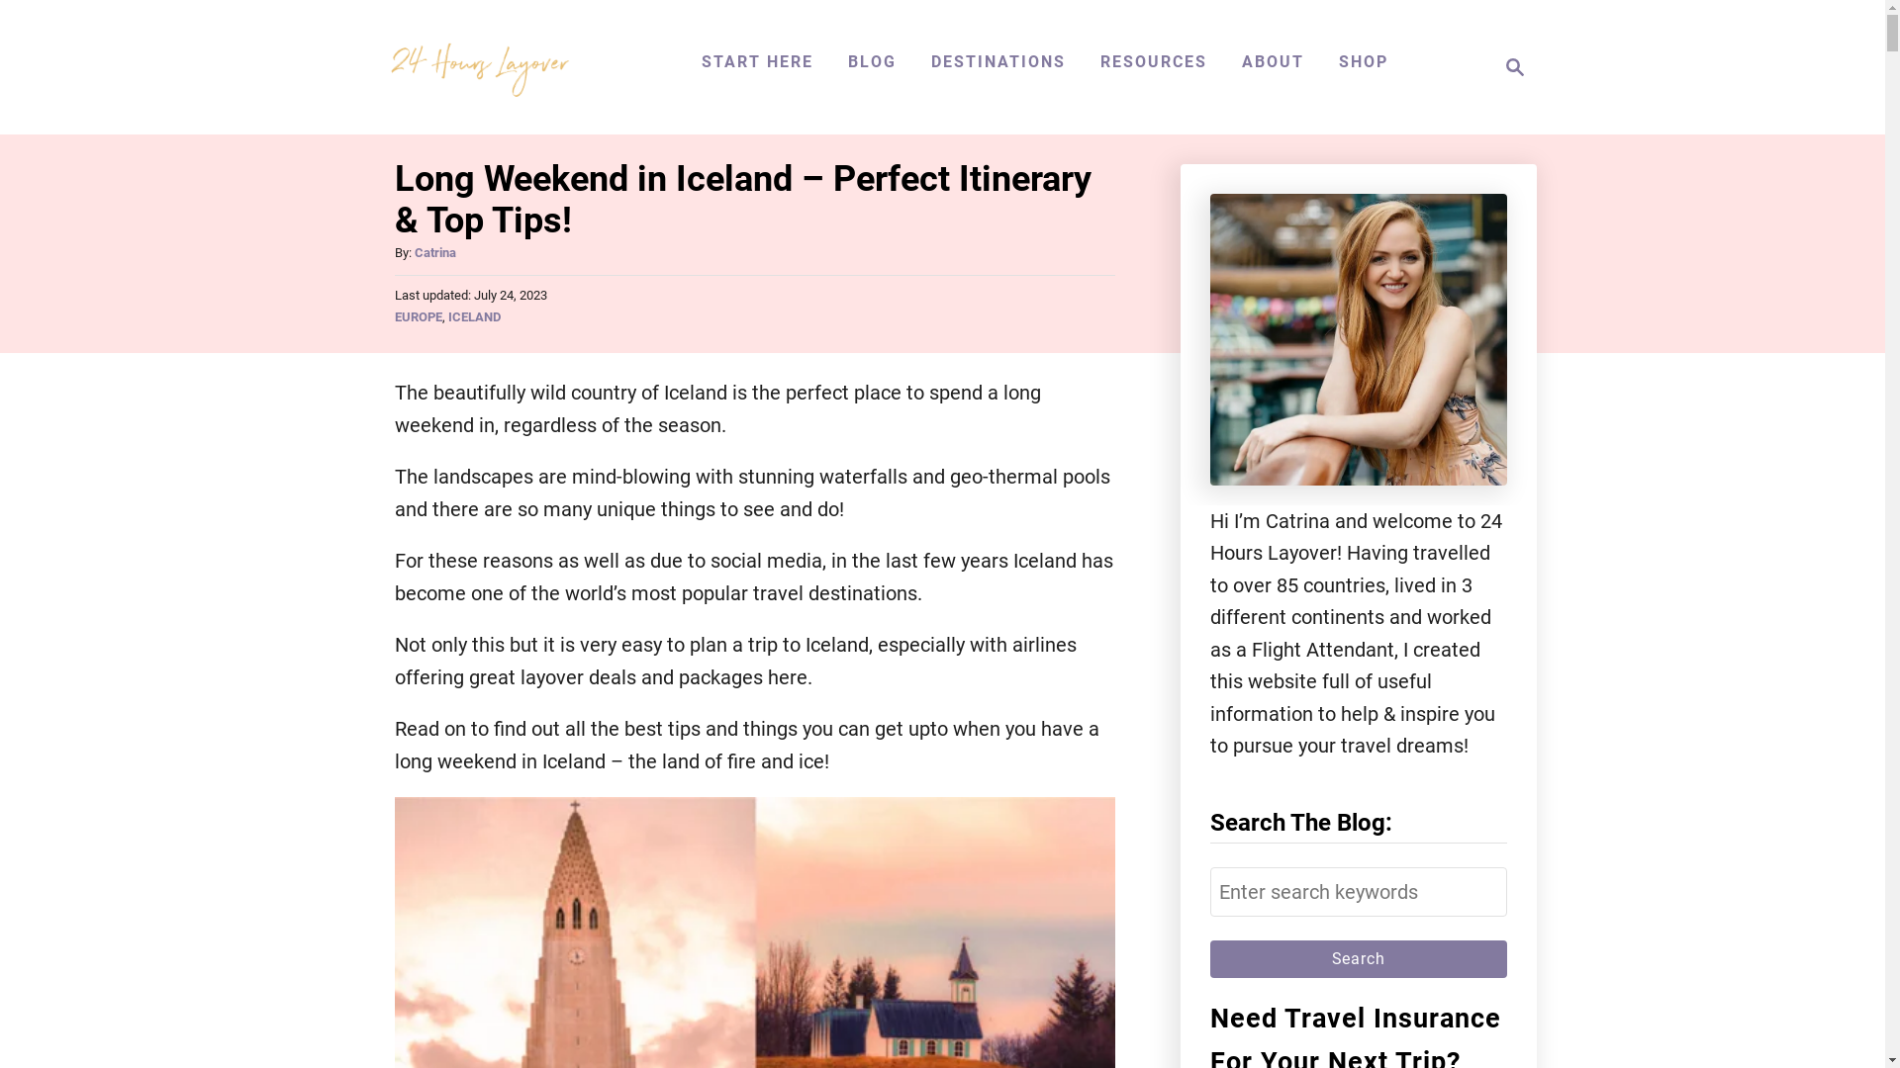  What do you see at coordinates (919, 60) in the screenshot?
I see `'DESTINATIONS'` at bounding box center [919, 60].